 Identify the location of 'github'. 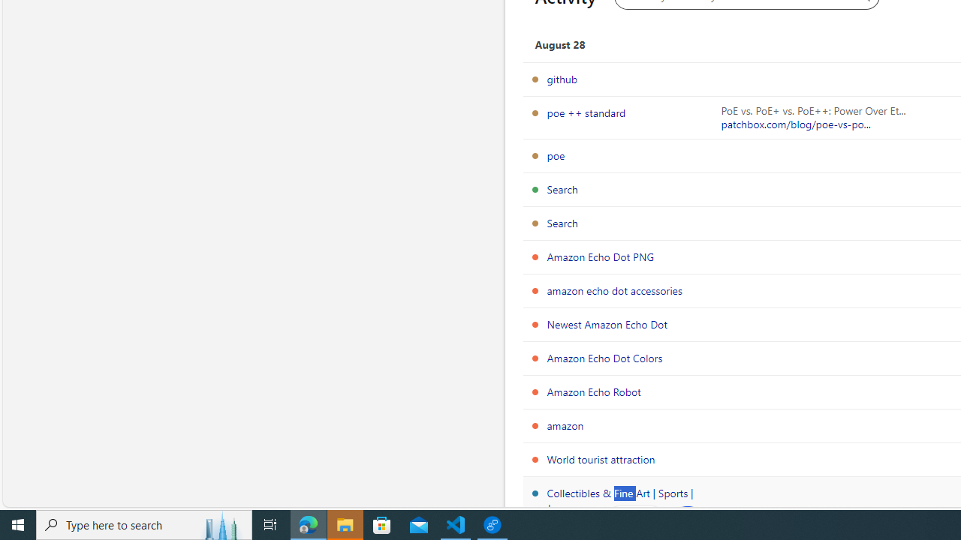
(561, 79).